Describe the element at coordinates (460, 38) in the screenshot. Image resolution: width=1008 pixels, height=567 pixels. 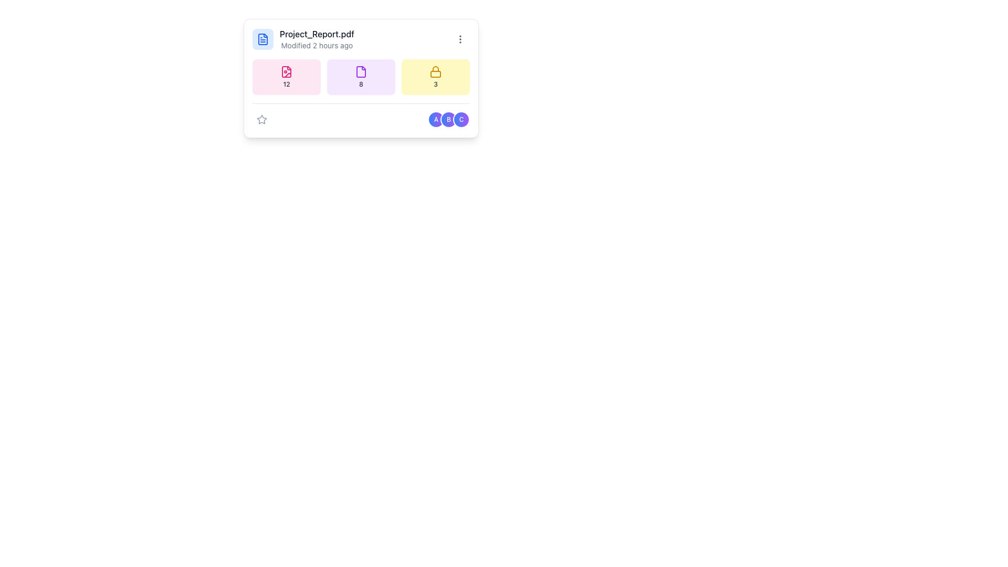
I see `the vertical ellipsis icon with three dots located in the top-right corner of the card layout` at that location.